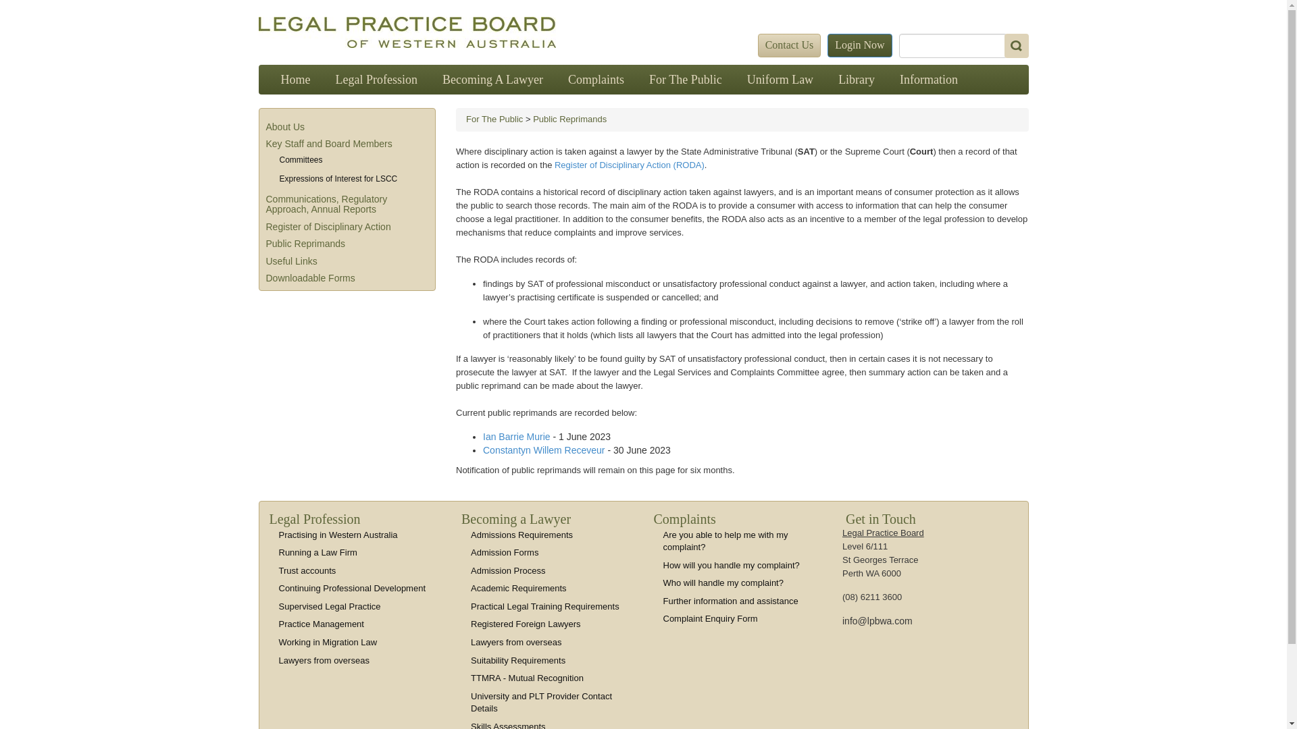 Image resolution: width=1297 pixels, height=729 pixels. I want to click on 'Ian Barrie Murie', so click(517, 437).